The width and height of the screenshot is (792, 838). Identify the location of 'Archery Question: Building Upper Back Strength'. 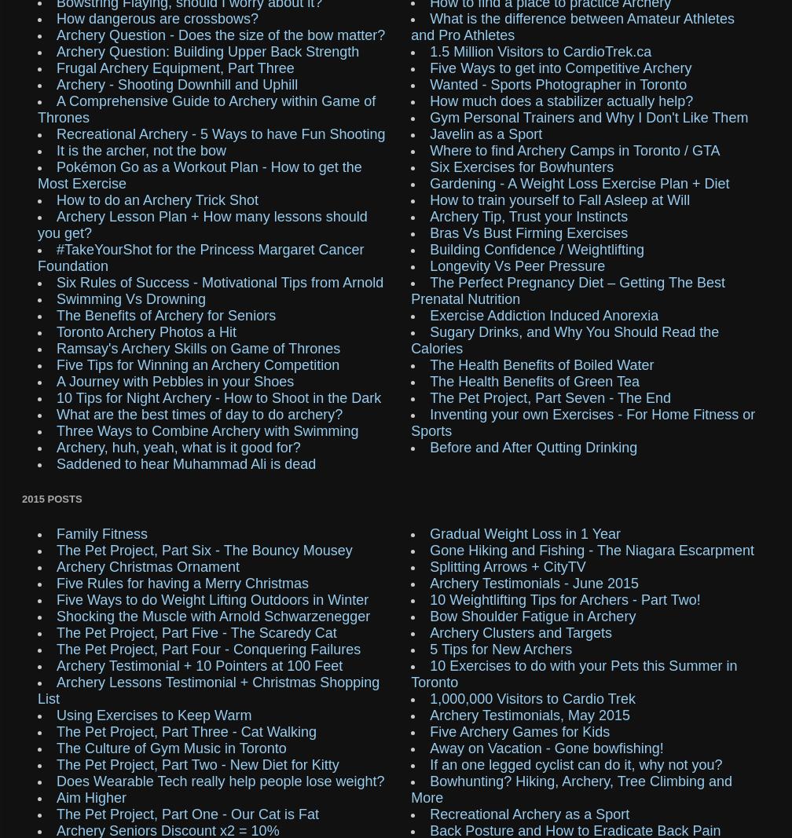
(207, 49).